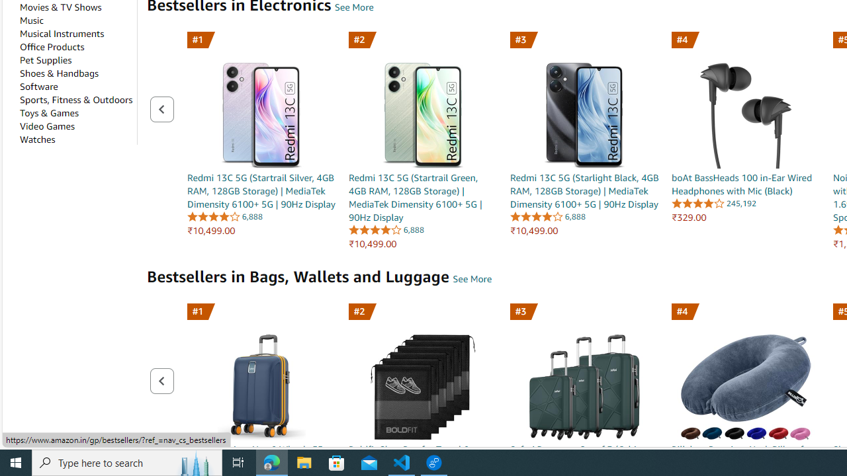  Describe the element at coordinates (60, 7) in the screenshot. I see `'Movies & TV Shows'` at that location.